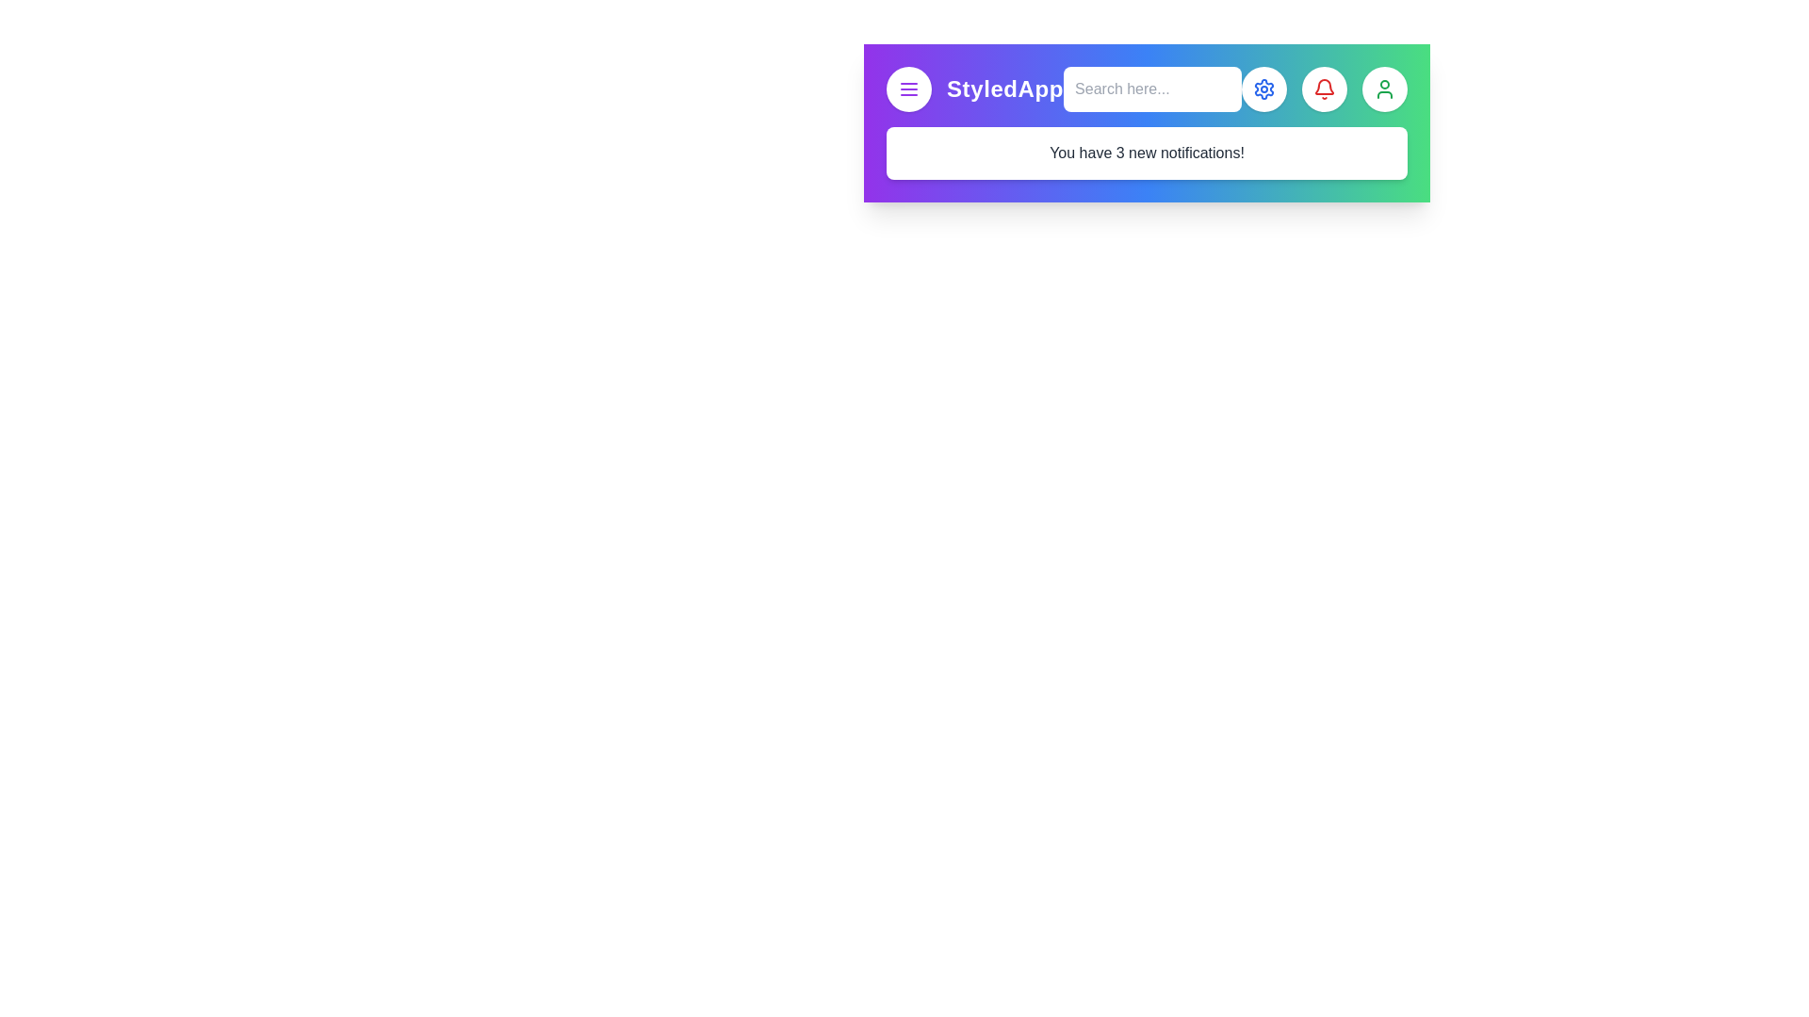 This screenshot has height=1017, width=1809. Describe the element at coordinates (908, 89) in the screenshot. I see `the element with Menu Button to display its tooltip or effect` at that location.